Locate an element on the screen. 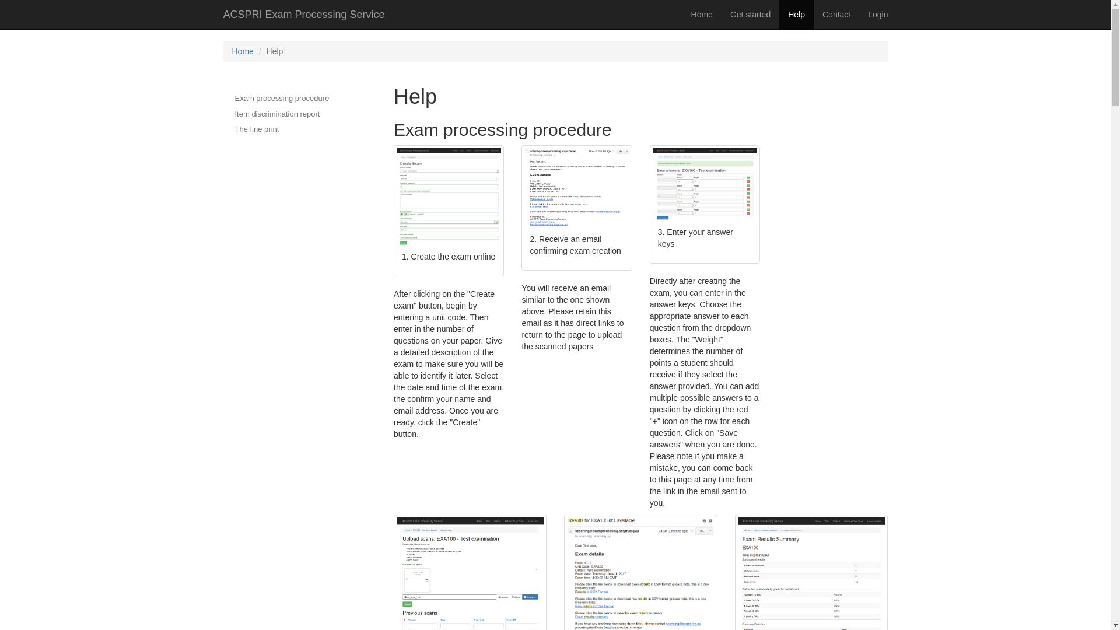 This screenshot has height=630, width=1120. 'Login' is located at coordinates (878, 14).